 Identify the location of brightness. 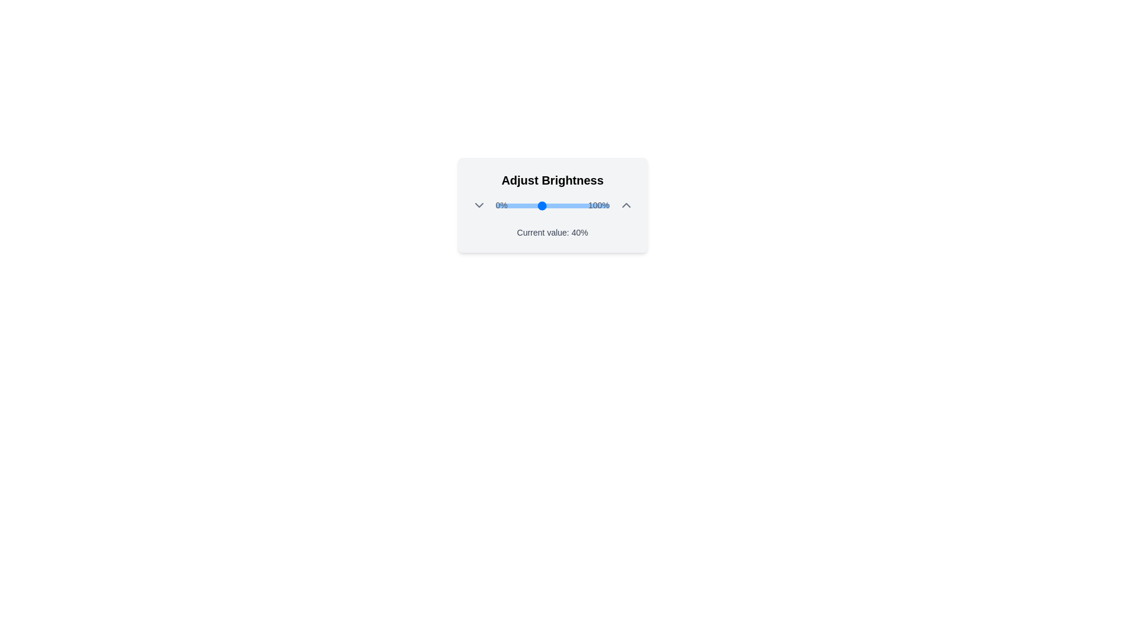
(590, 205).